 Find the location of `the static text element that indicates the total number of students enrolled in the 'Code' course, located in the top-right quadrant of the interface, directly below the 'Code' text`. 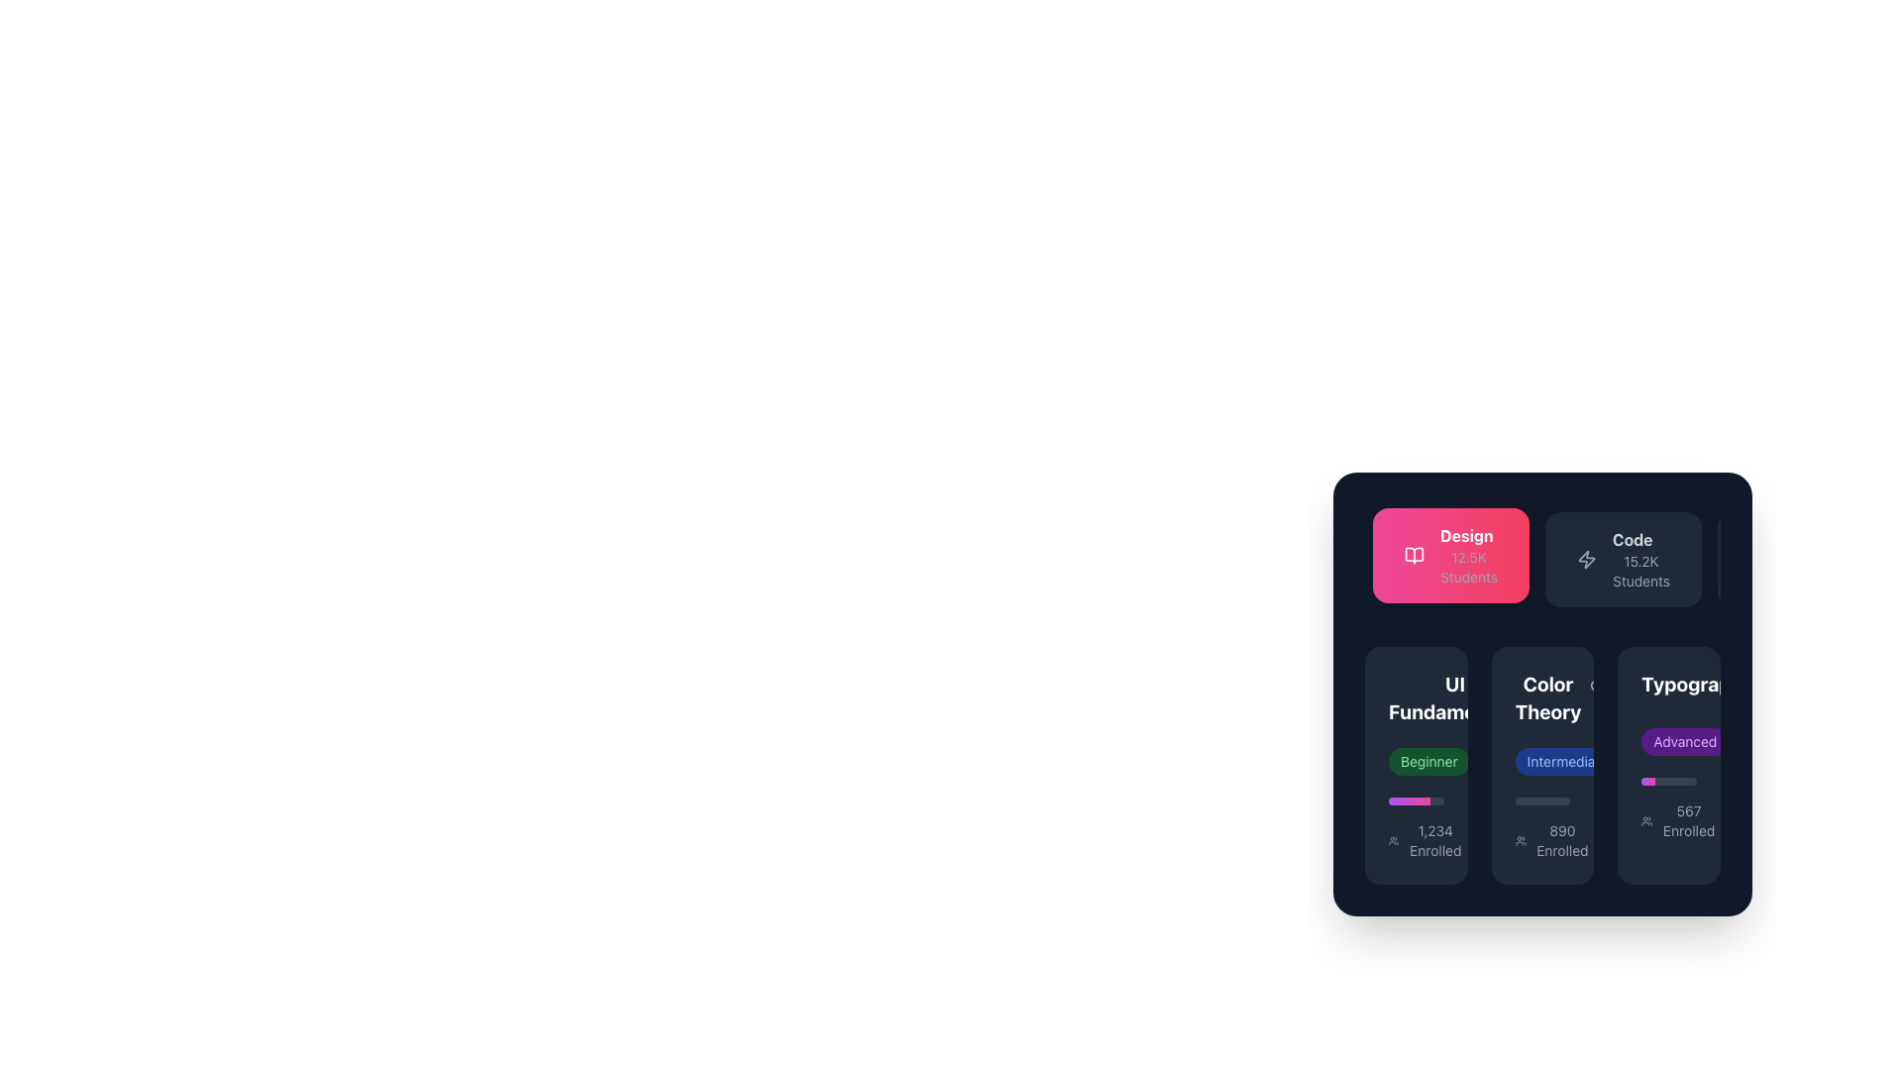

the static text element that indicates the total number of students enrolled in the 'Code' course, located in the top-right quadrant of the interface, directly below the 'Code' text is located at coordinates (1640, 572).